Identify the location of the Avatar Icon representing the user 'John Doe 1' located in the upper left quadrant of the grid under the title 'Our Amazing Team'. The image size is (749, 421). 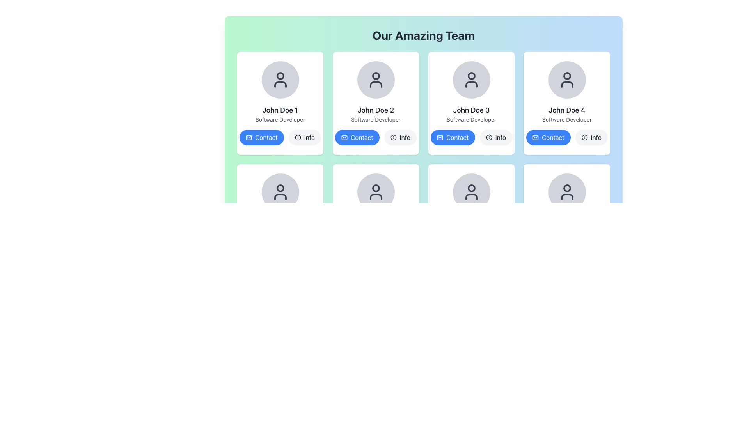
(280, 80).